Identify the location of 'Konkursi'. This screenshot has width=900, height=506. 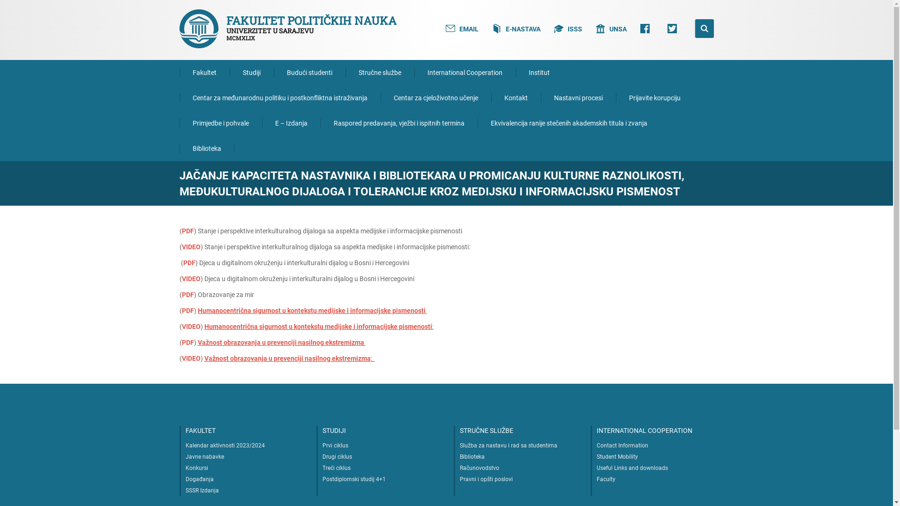
(196, 468).